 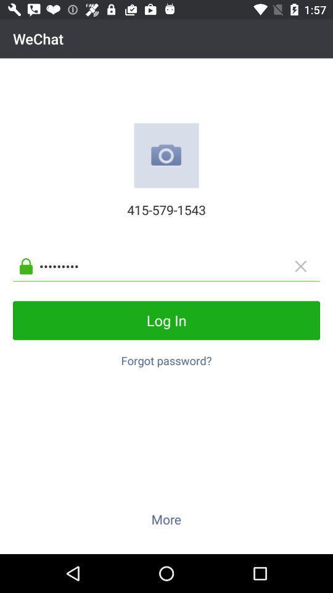 I want to click on button above the more icon, so click(x=166, y=357).